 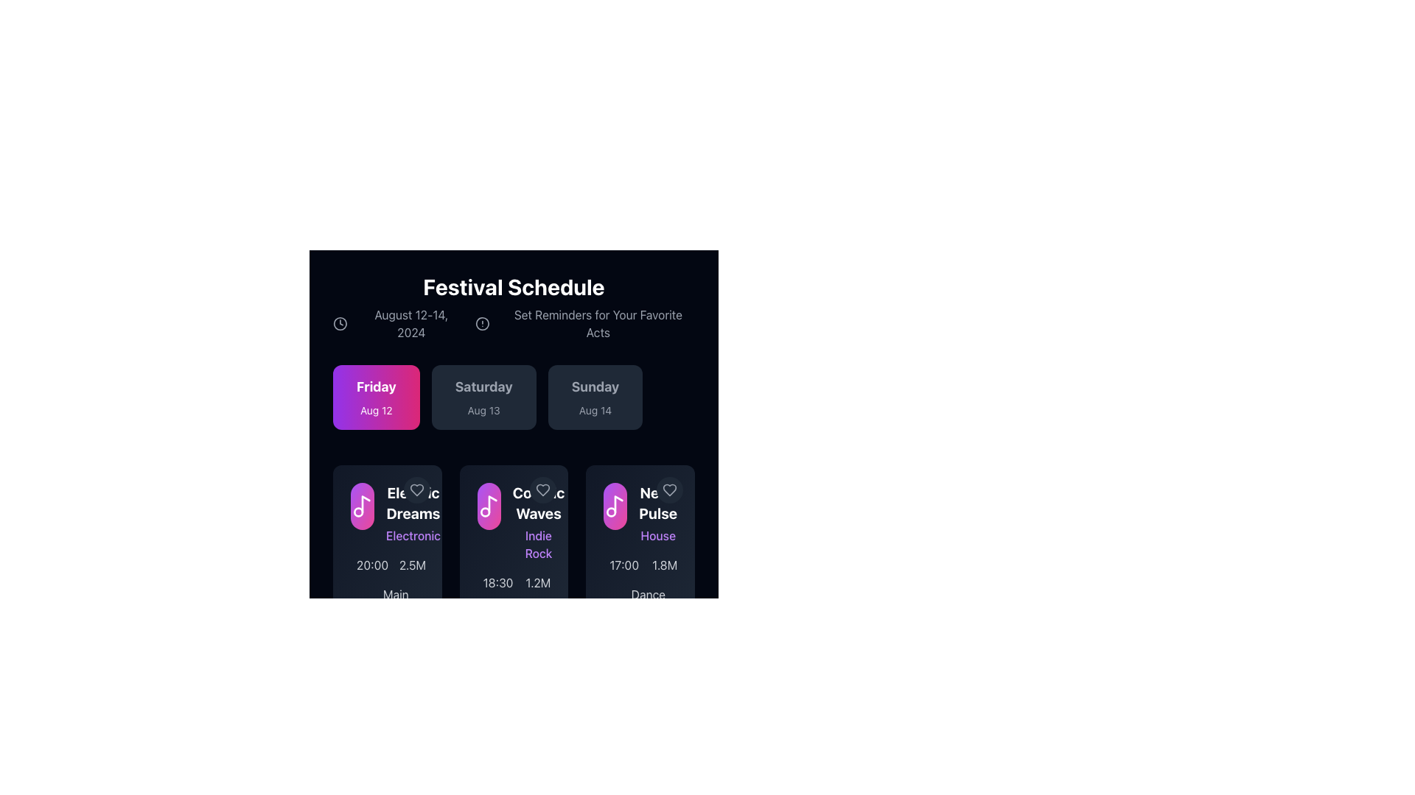 What do you see at coordinates (514, 306) in the screenshot?
I see `the Header section that provides the title and key details of the festival schedule, located at the top of the layout above the day tabs and event cards` at bounding box center [514, 306].